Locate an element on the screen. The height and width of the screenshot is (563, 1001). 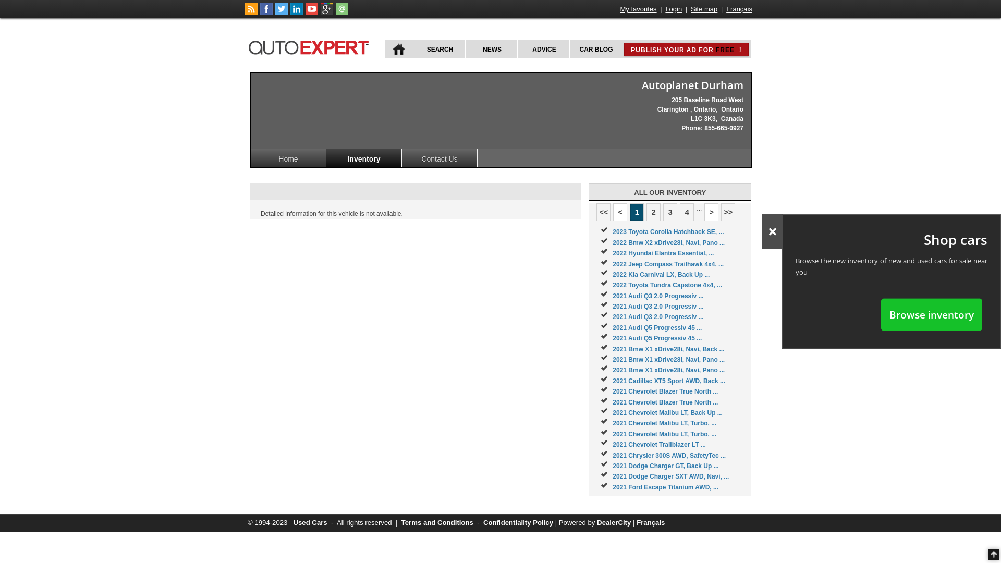
'>>' is located at coordinates (720, 212).